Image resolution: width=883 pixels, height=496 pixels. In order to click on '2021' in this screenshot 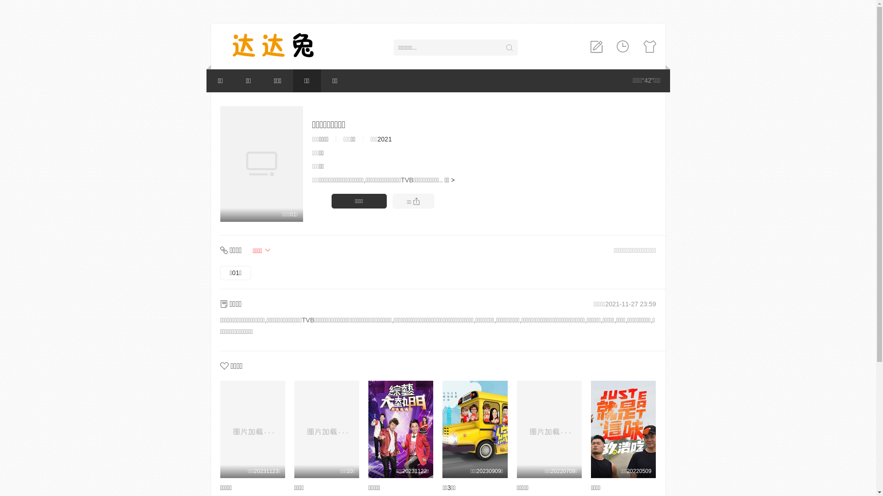, I will do `click(377, 139)`.